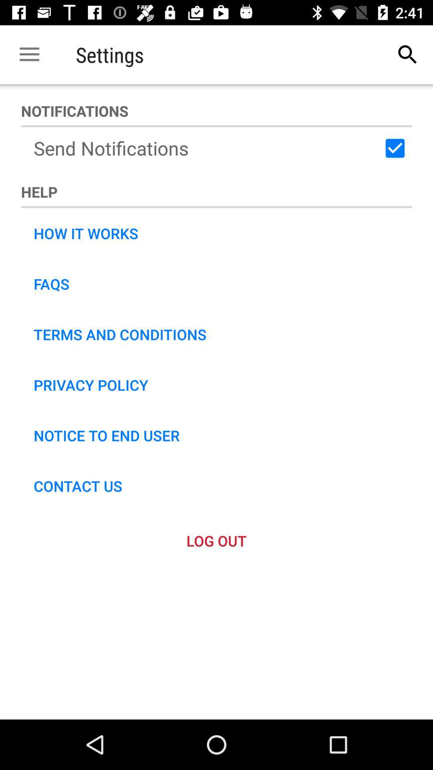 The height and width of the screenshot is (770, 433). Describe the element at coordinates (395, 148) in the screenshot. I see `item to the right of the send notifications icon` at that location.